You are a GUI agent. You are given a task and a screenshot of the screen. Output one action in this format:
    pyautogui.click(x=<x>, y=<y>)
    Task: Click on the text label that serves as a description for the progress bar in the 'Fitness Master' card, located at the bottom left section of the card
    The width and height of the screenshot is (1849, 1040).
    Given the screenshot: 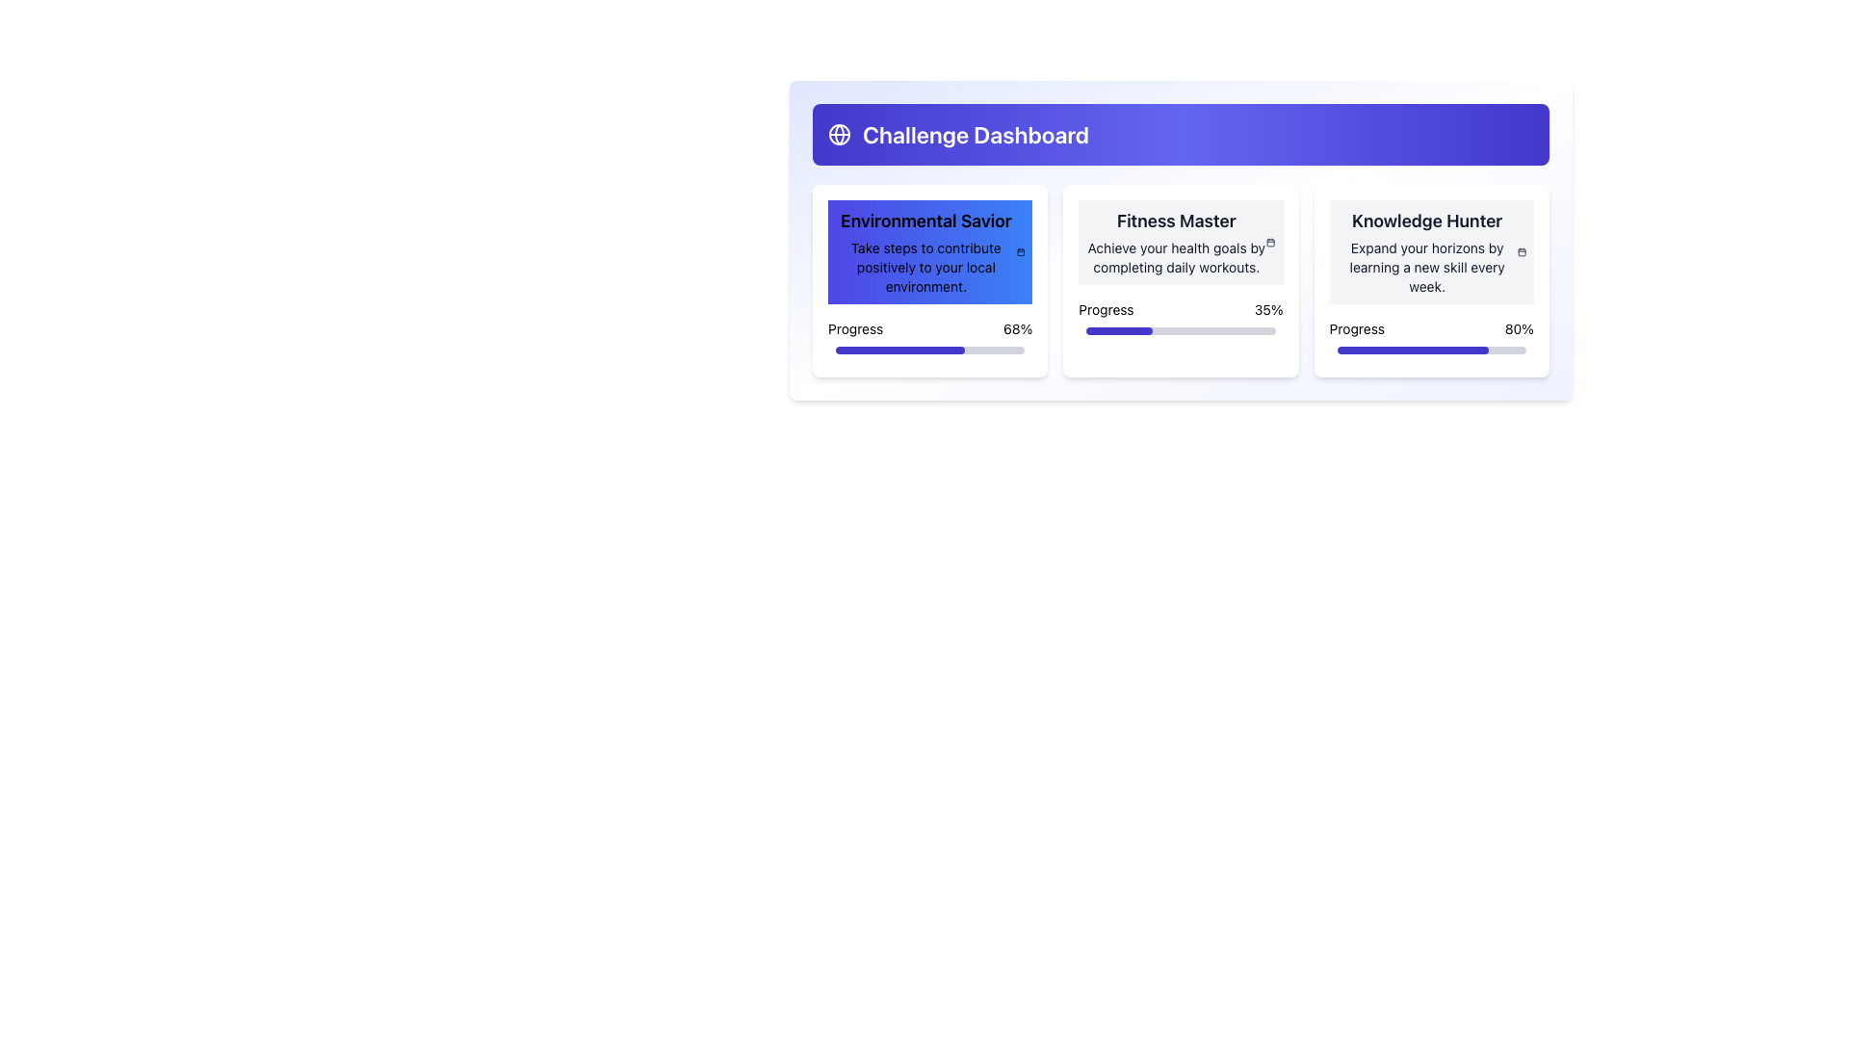 What is the action you would take?
    pyautogui.click(x=1106, y=308)
    